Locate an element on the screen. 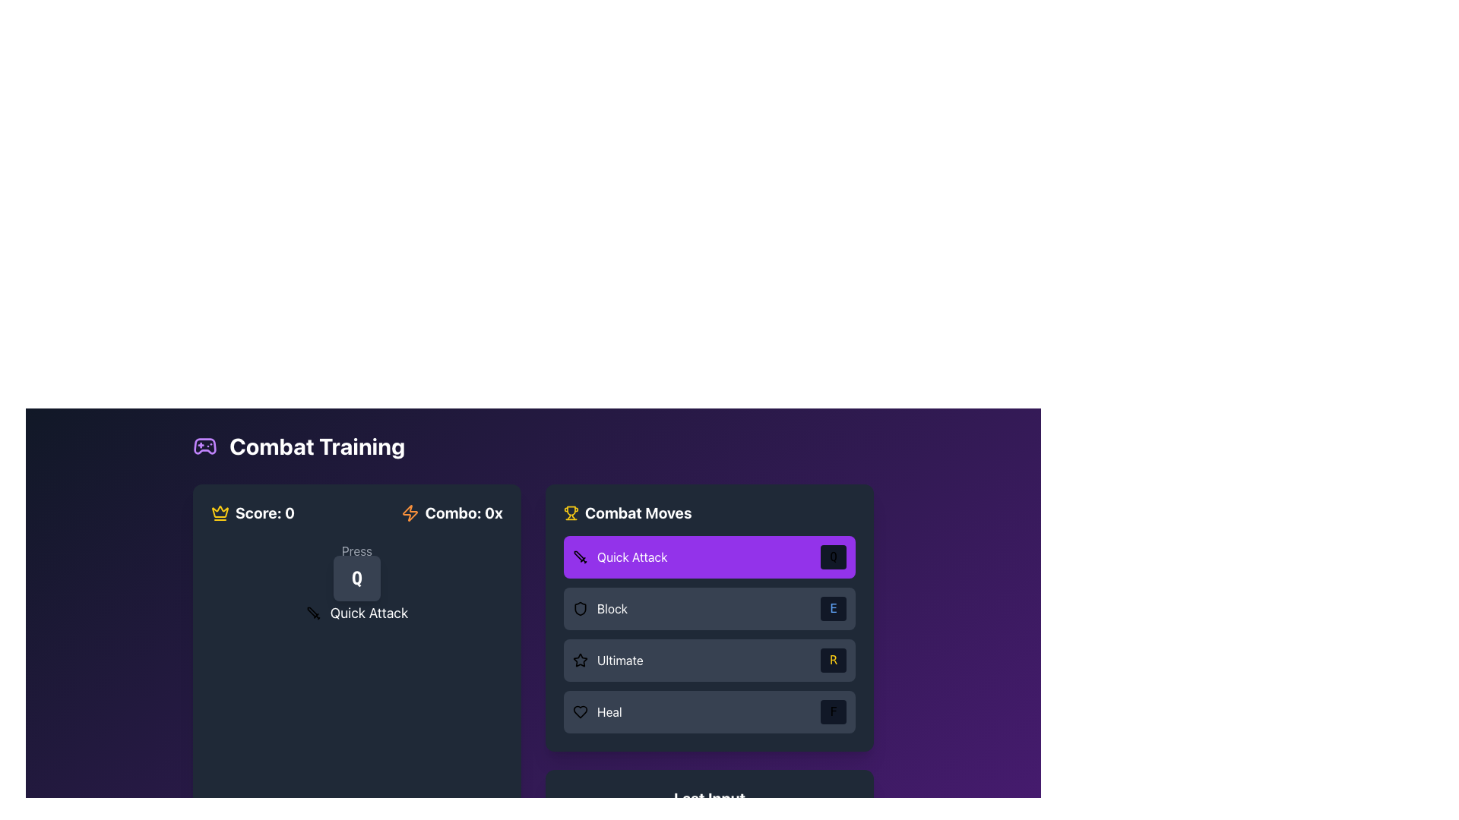 This screenshot has height=820, width=1459. the stylized game controller icon located in the header labeled 'Combat Training', which features a cross-shaped control pad and a circular button layout, rendered in purple is located at coordinates (204, 445).